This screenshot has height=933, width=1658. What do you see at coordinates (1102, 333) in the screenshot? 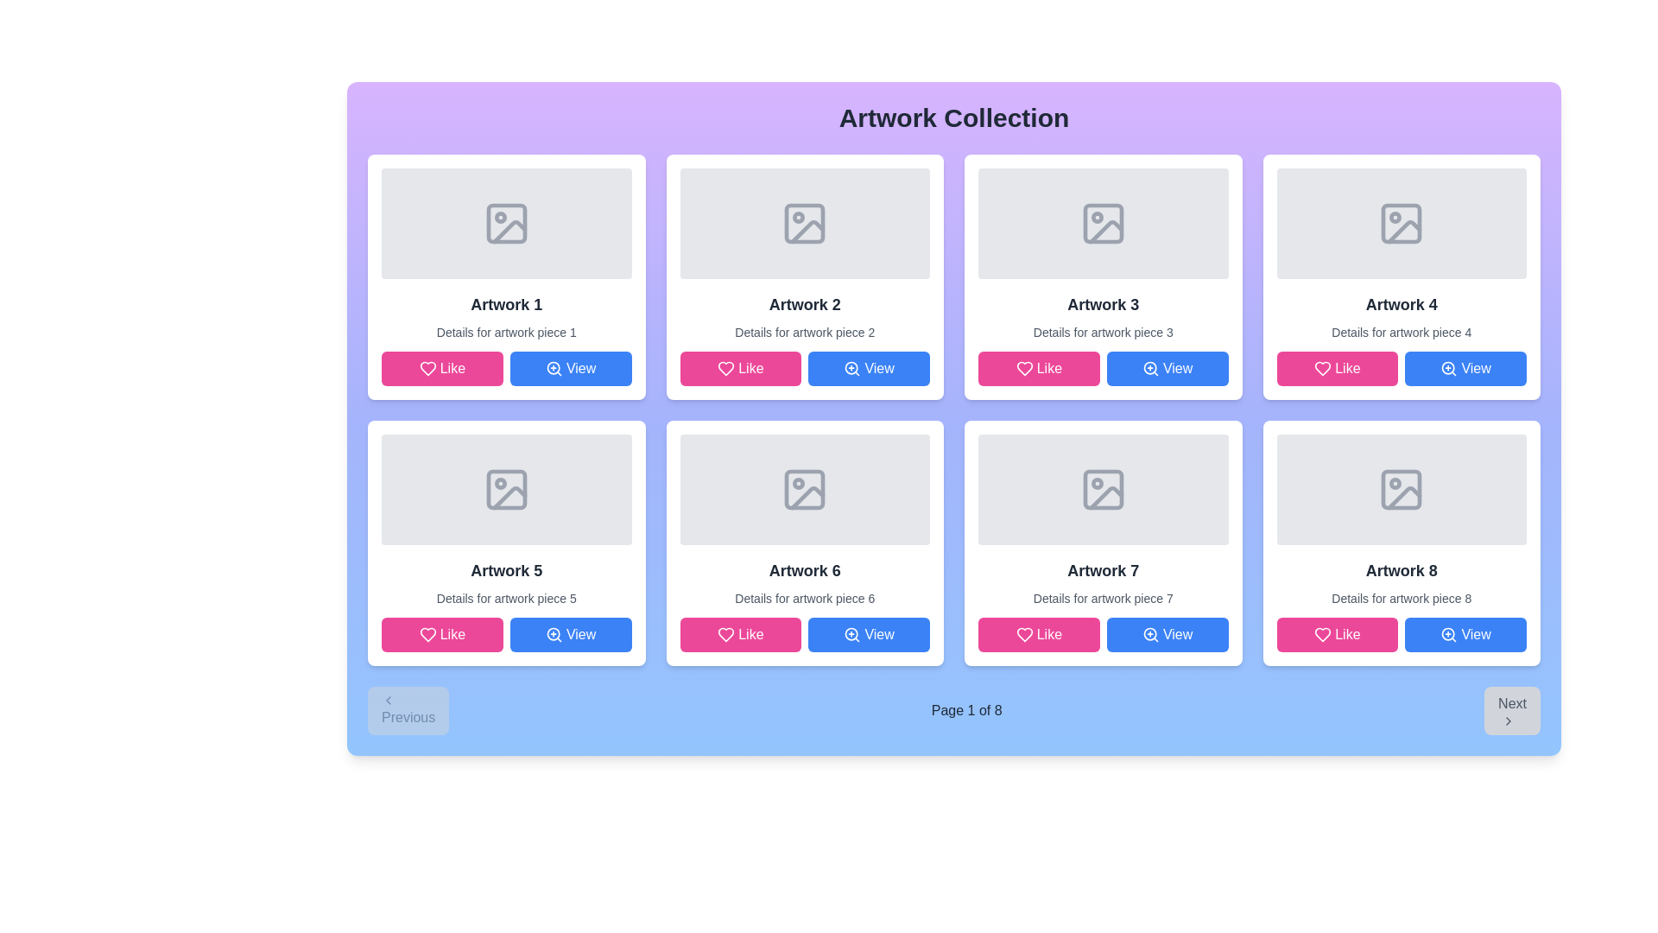
I see `text 'Details for artwork piece 3' which is displayed in a smaller gray font below the title 'Artwork 3' in the third card of the first row` at bounding box center [1102, 333].